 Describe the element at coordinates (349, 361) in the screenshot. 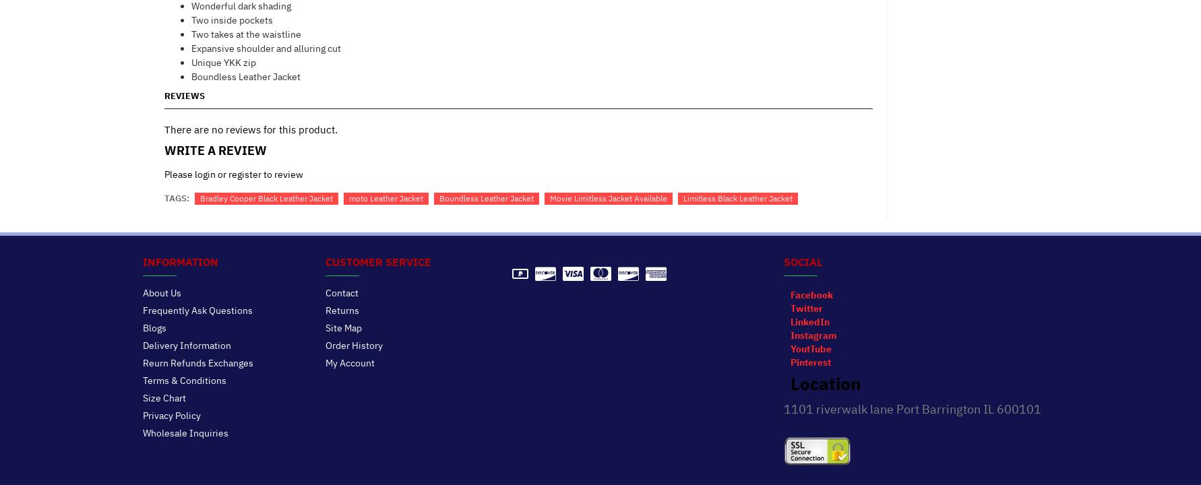

I see `'My Account'` at that location.